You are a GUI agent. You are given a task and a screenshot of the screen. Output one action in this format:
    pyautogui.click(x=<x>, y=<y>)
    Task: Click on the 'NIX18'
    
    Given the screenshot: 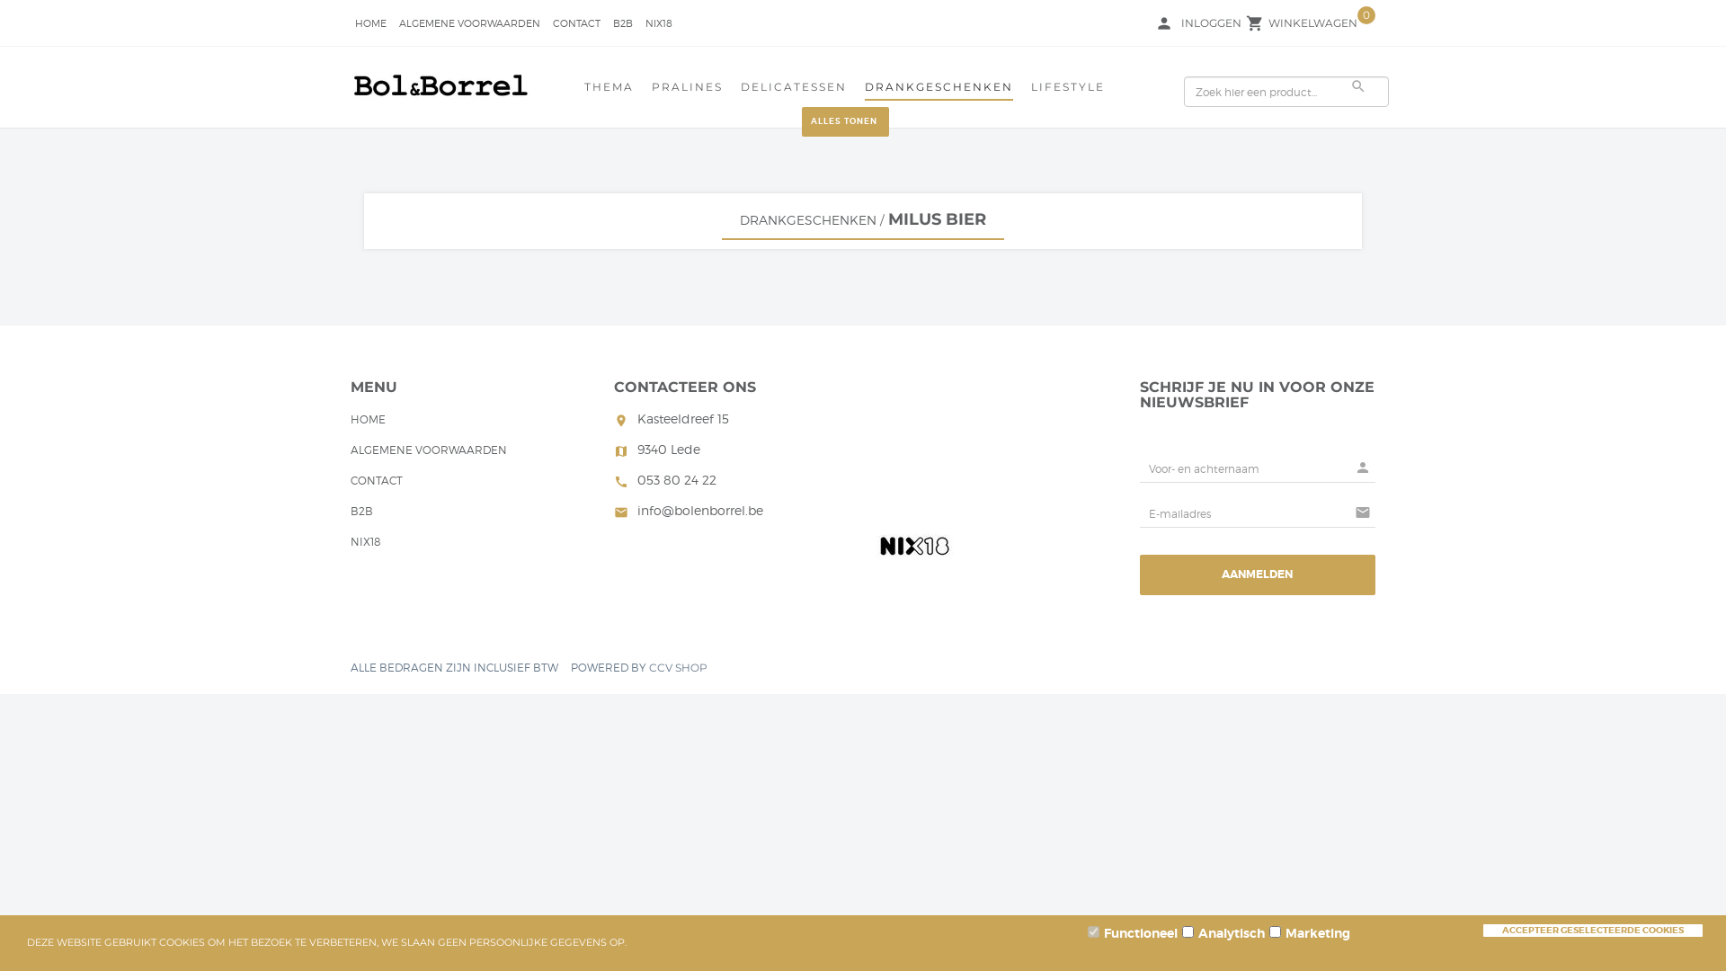 What is the action you would take?
    pyautogui.click(x=364, y=543)
    